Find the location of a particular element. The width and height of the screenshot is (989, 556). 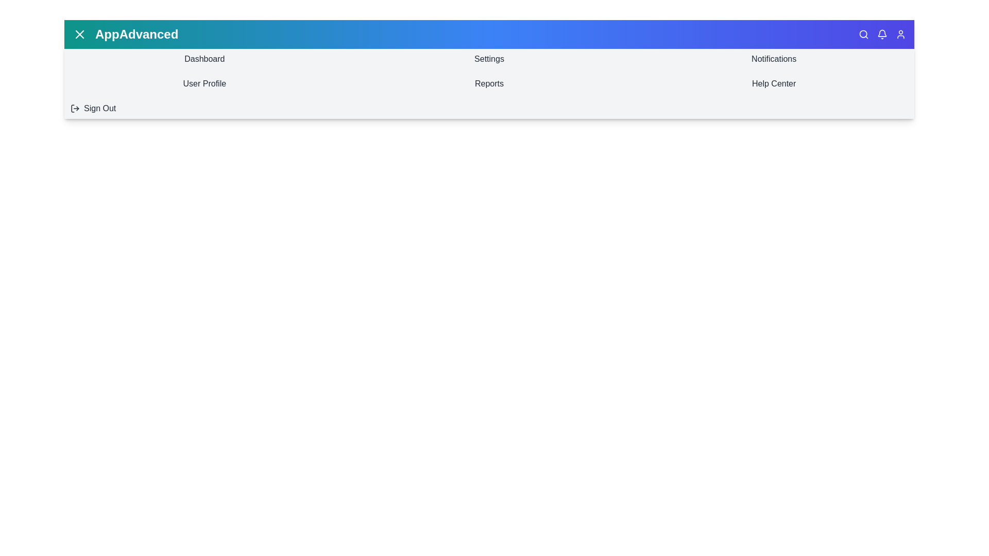

the menu item Dashboard from the menu bar is located at coordinates (204, 59).